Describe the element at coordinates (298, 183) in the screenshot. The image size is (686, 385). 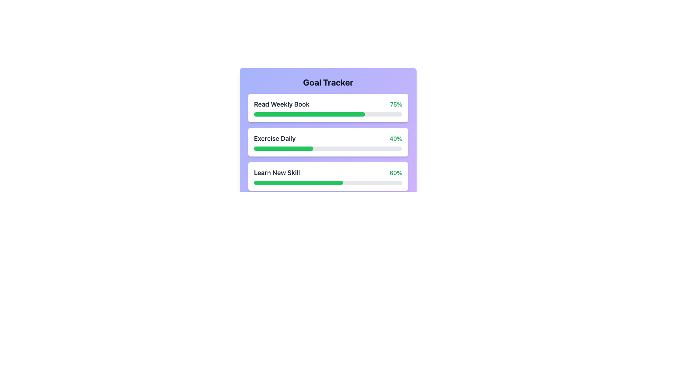
I see `the completion status of the green progress bar located in the 'Learn New Skill' section of the goal tracker interface, which is currently filled to 60%` at that location.